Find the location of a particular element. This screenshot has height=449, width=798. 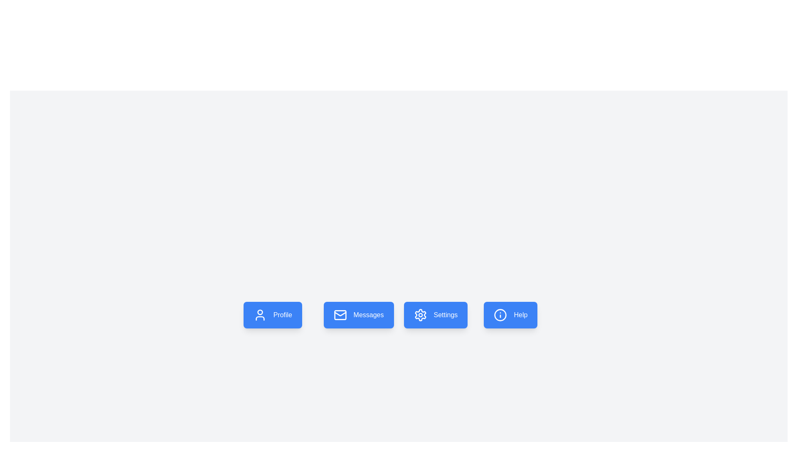

the help button, the fourth button in a row of four is located at coordinates (518, 315).